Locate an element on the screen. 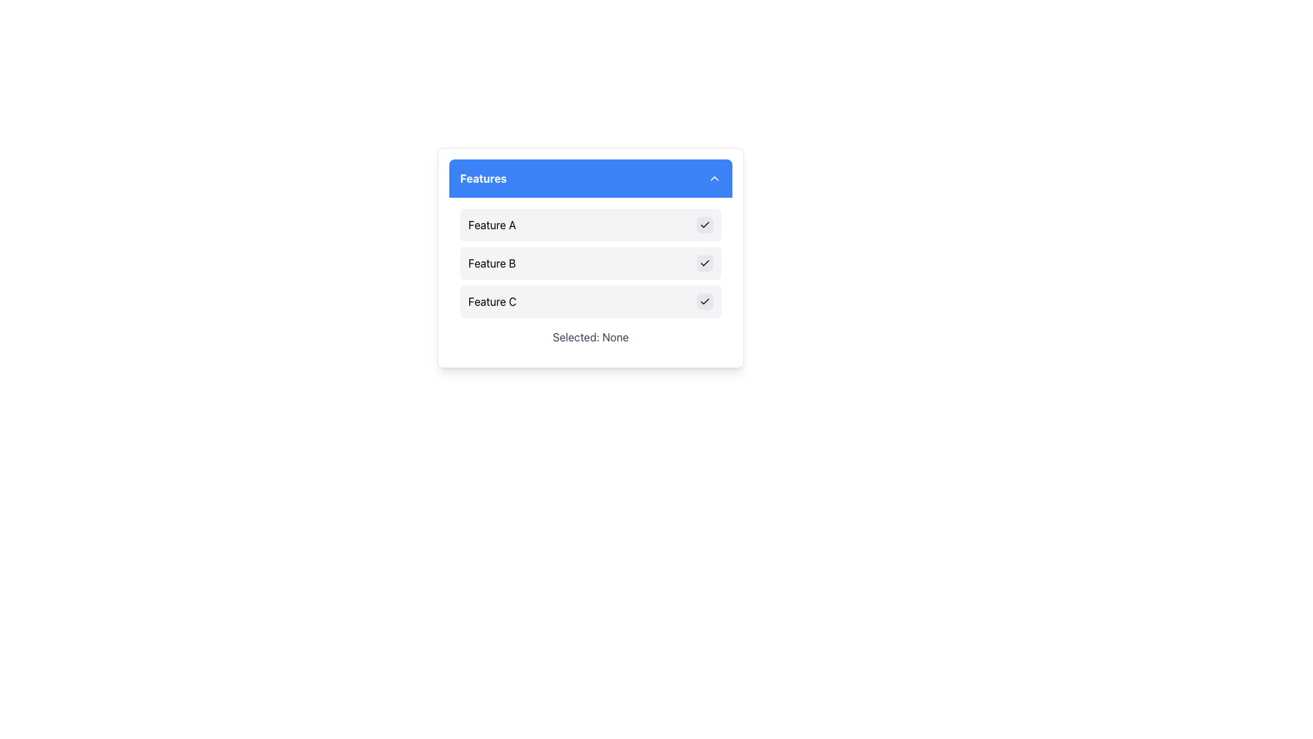  the Text label that serves as a title for its section, located to the left of an icon is located at coordinates (483, 178).